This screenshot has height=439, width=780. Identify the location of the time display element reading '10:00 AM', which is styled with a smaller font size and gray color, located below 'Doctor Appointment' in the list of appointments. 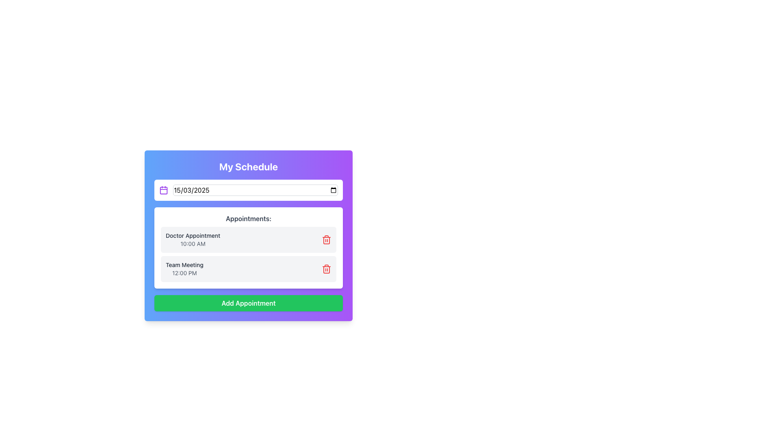
(193, 243).